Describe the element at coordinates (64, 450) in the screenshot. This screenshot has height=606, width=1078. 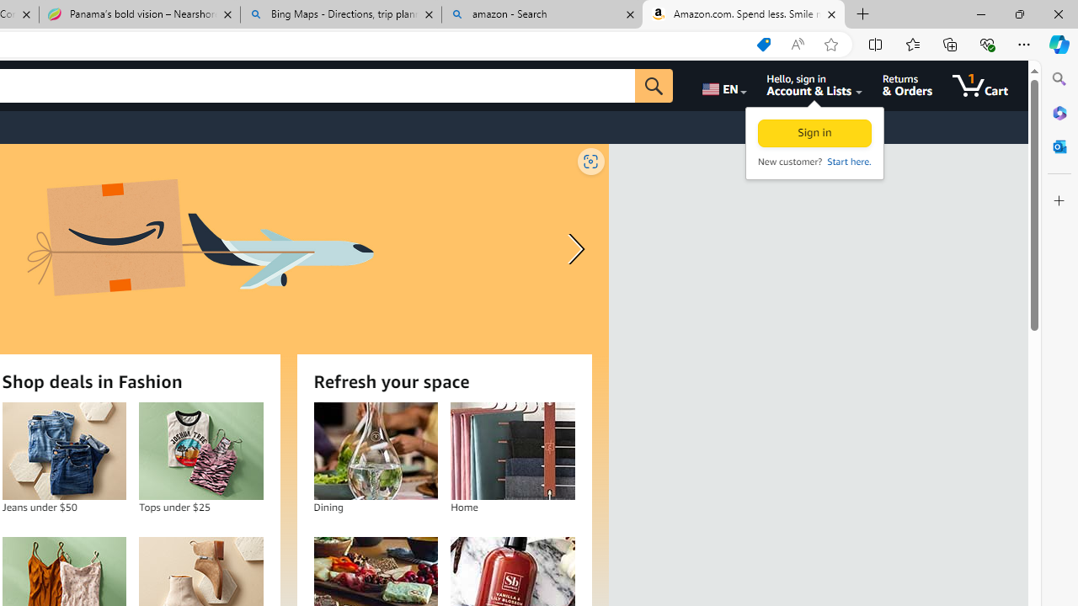
I see `'Jeans under $50'` at that location.